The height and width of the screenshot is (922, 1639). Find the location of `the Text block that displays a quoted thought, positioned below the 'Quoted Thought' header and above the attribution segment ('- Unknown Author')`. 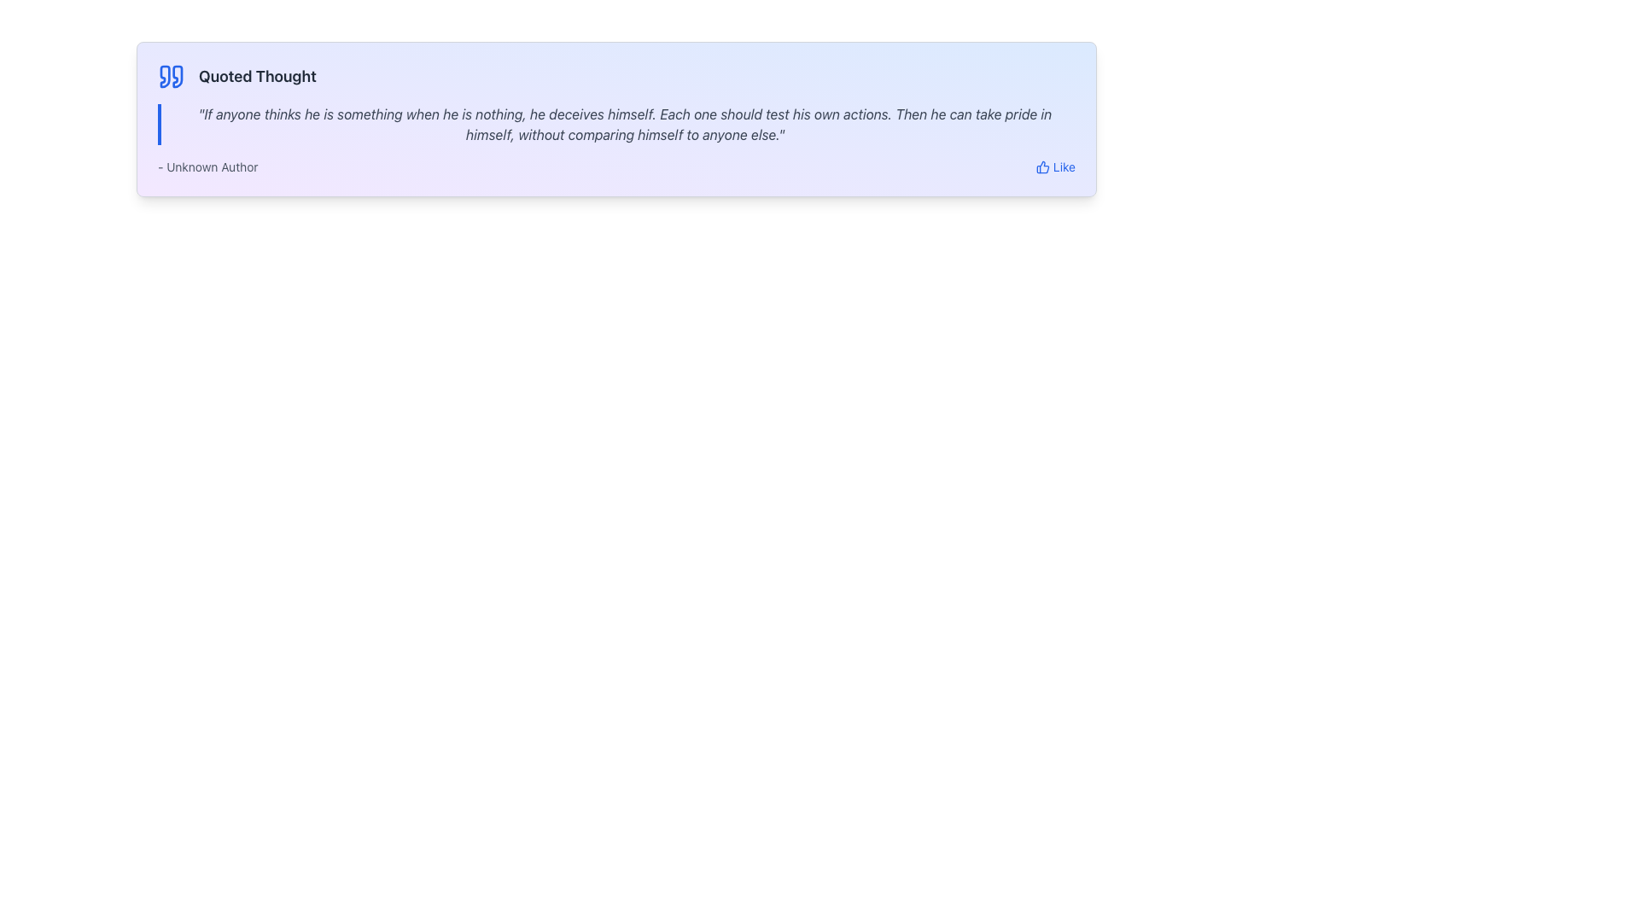

the Text block that displays a quoted thought, positioned below the 'Quoted Thought' header and above the attribution segment ('- Unknown Author') is located at coordinates (615, 124).